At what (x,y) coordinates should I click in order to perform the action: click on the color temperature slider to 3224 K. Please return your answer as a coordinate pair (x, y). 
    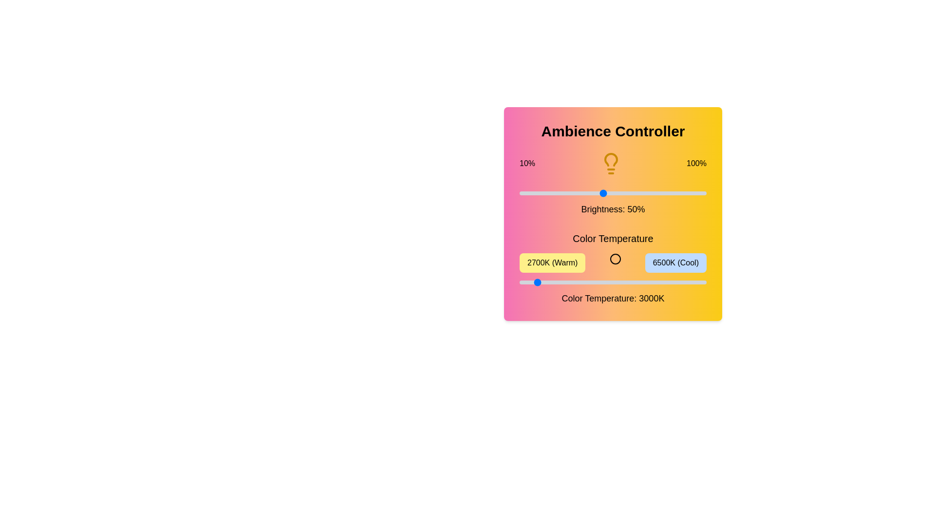
    Looking at the image, I should click on (544, 282).